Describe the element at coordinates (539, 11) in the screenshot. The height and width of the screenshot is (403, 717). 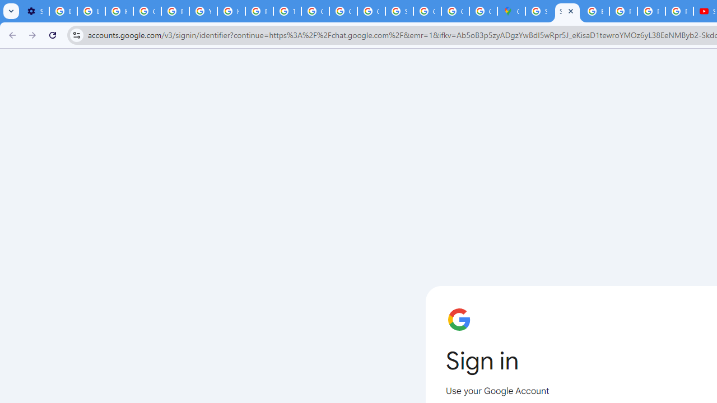
I see `'Sign in - Google Accounts'` at that location.